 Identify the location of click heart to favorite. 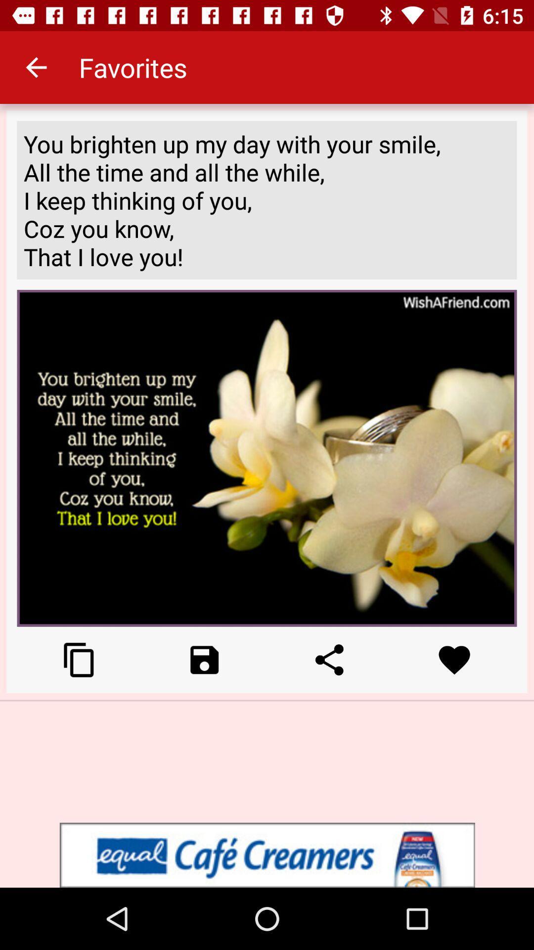
(454, 660).